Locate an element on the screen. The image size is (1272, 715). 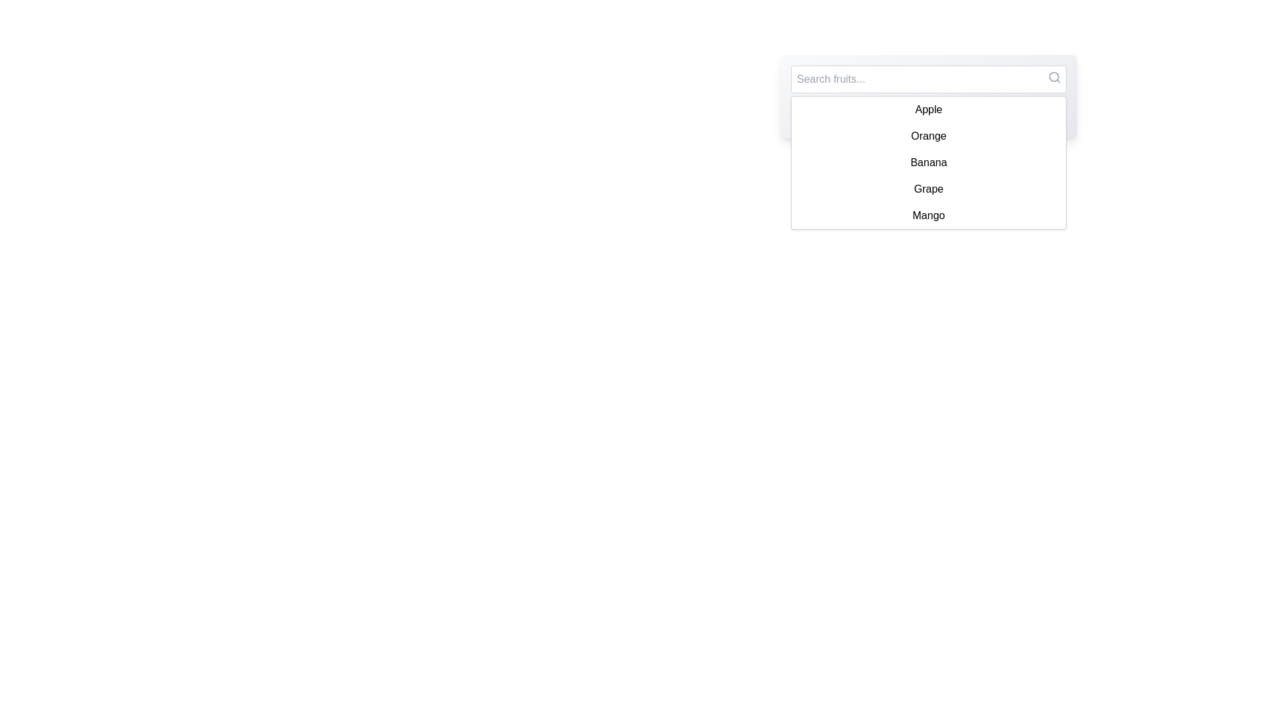
to select the text item 'Banana' in the dropdown menu, which is the third item in the list and has a hover effect that changes its background color is located at coordinates (927, 162).